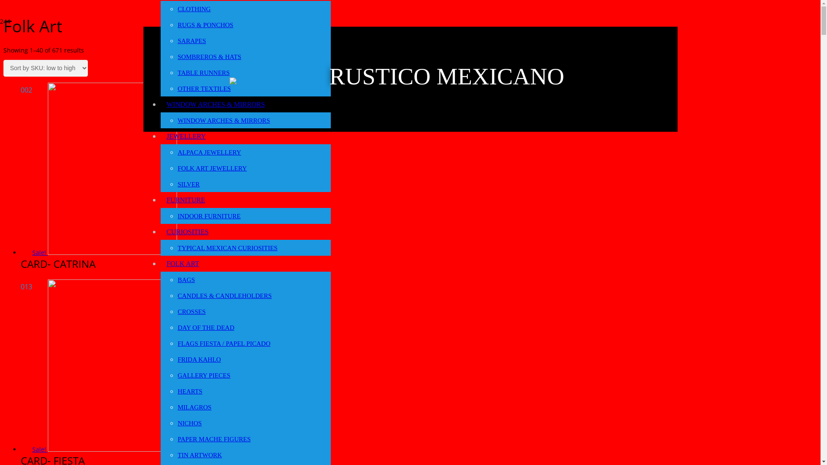  I want to click on 'FOLK ART', so click(182, 263).